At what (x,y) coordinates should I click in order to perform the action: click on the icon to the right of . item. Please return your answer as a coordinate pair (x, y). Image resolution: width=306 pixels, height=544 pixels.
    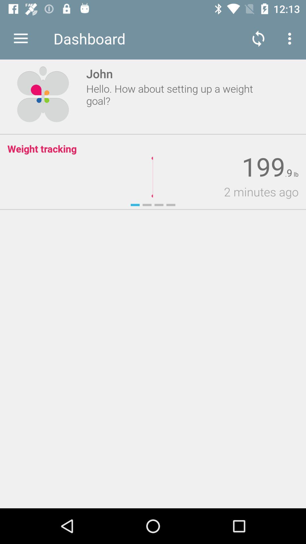
    Looking at the image, I should click on (289, 173).